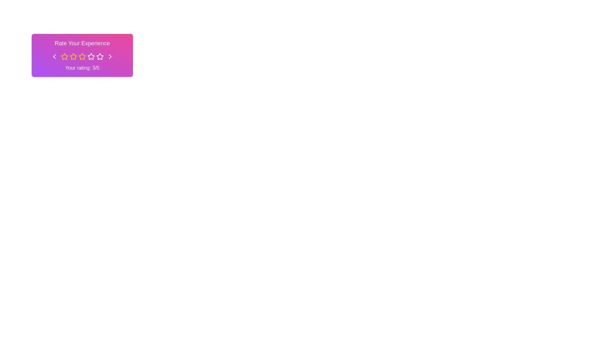 The width and height of the screenshot is (608, 342). I want to click on the third yellow star in the rating widget, so click(82, 56).